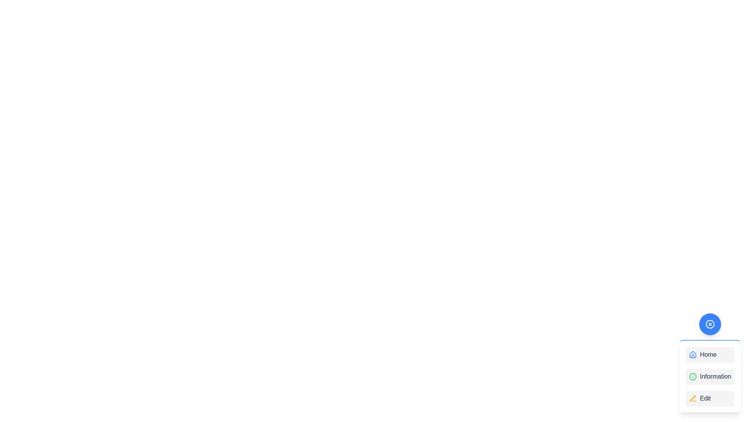  Describe the element at coordinates (710, 324) in the screenshot. I see `the circular icon featuring a cross mark in the center` at that location.